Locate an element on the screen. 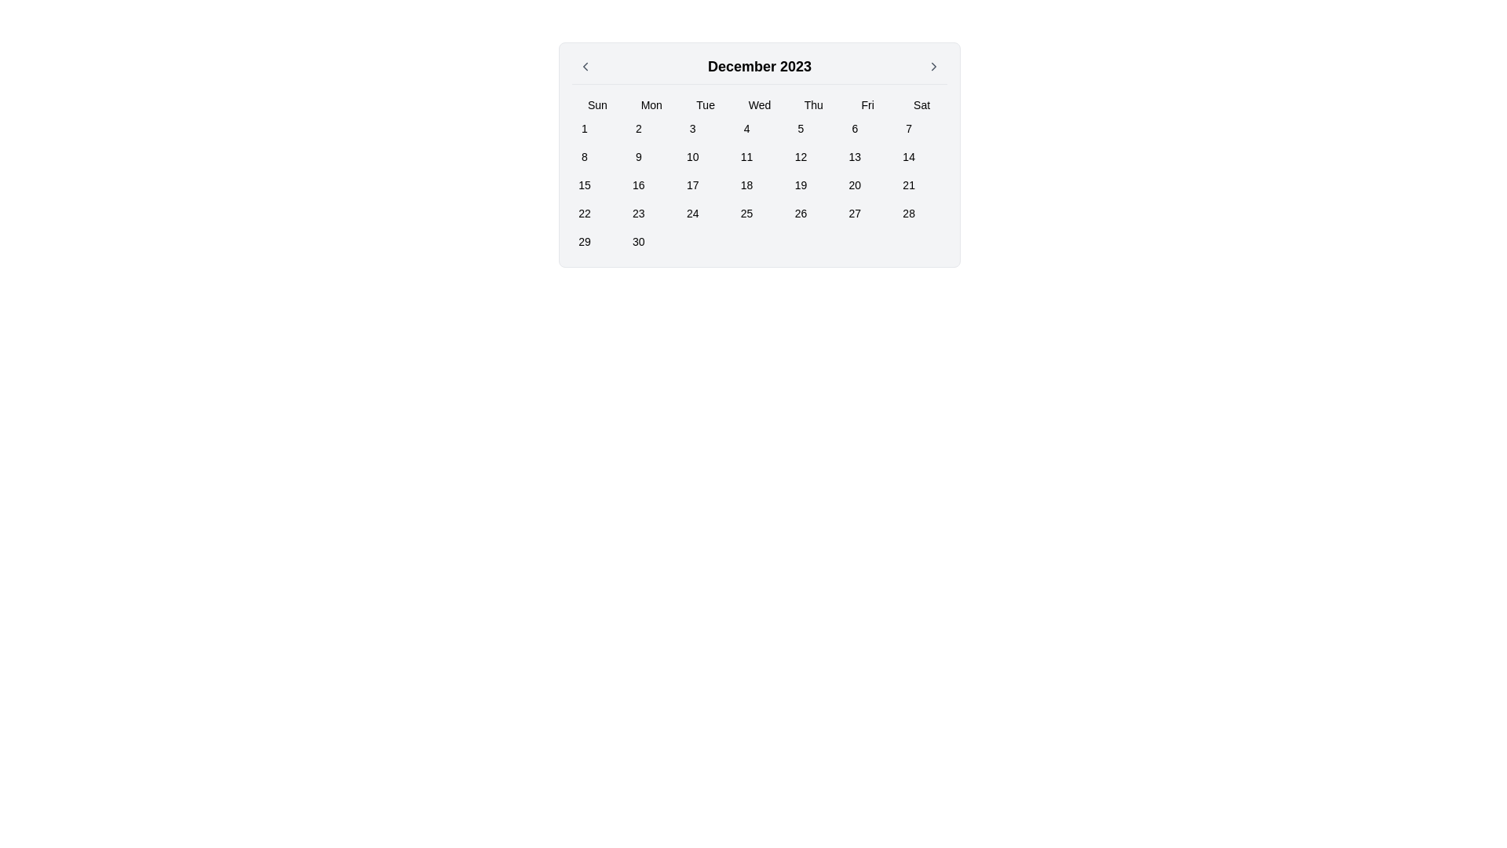 This screenshot has height=848, width=1507. the clickable calendar date cell displaying the number '13' located in the sixth column of the third row of the calendar grid is located at coordinates (854, 157).